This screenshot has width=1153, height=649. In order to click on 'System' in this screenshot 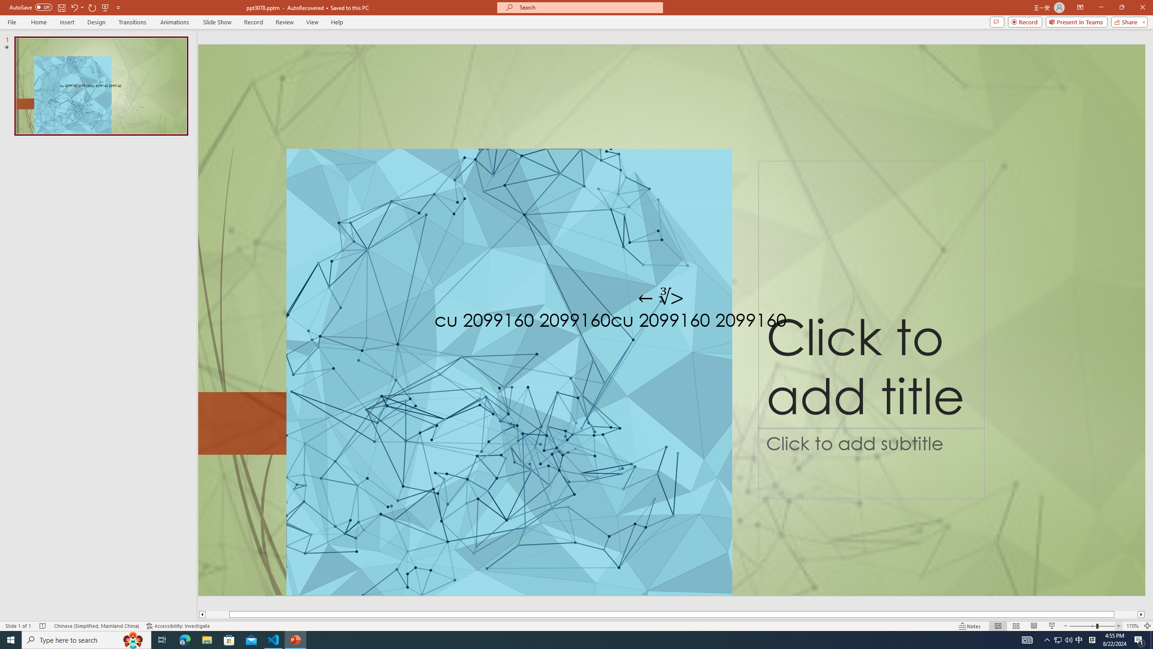, I will do `click(5, 4)`.